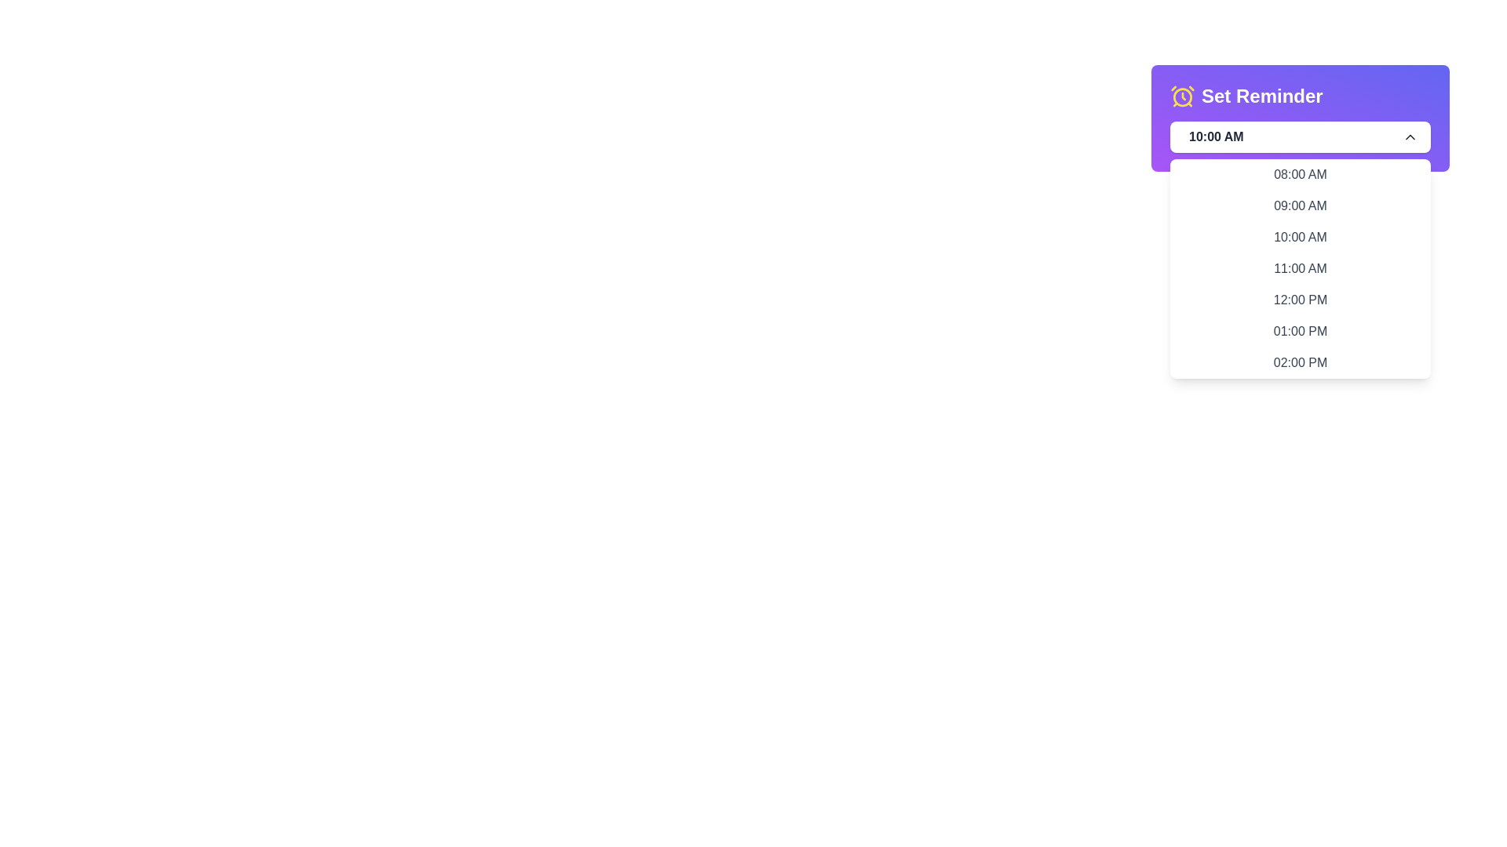  I want to click on the first dropdown option for '08:00 AM' located below the '10:00 AM' dropdown field in the purple 'Set Reminder' card, so click(1300, 175).